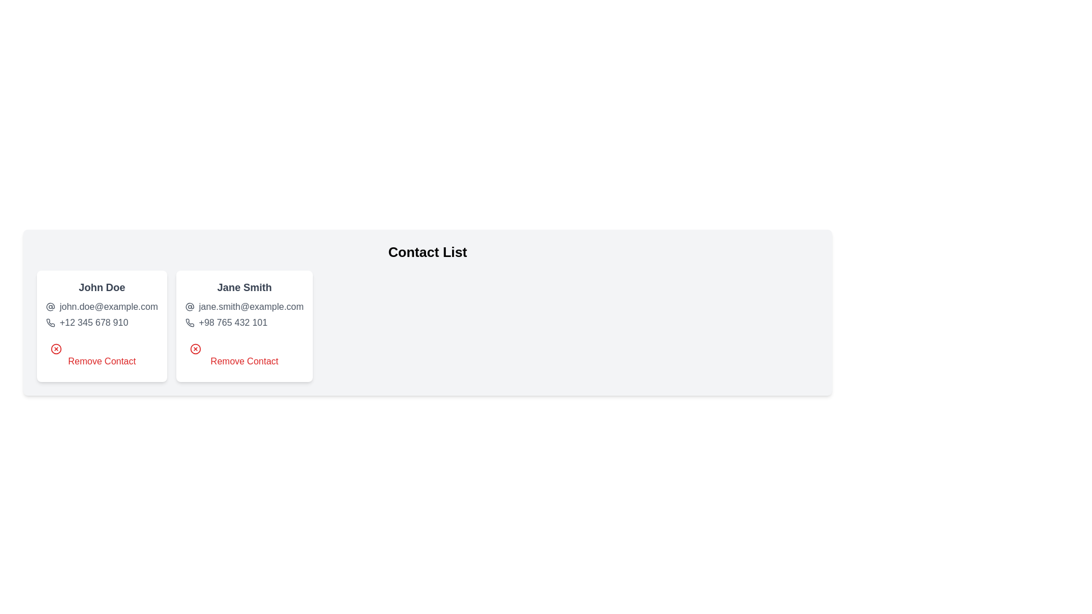 This screenshot has height=614, width=1092. Describe the element at coordinates (101, 307) in the screenshot. I see `the text field for email` at that location.